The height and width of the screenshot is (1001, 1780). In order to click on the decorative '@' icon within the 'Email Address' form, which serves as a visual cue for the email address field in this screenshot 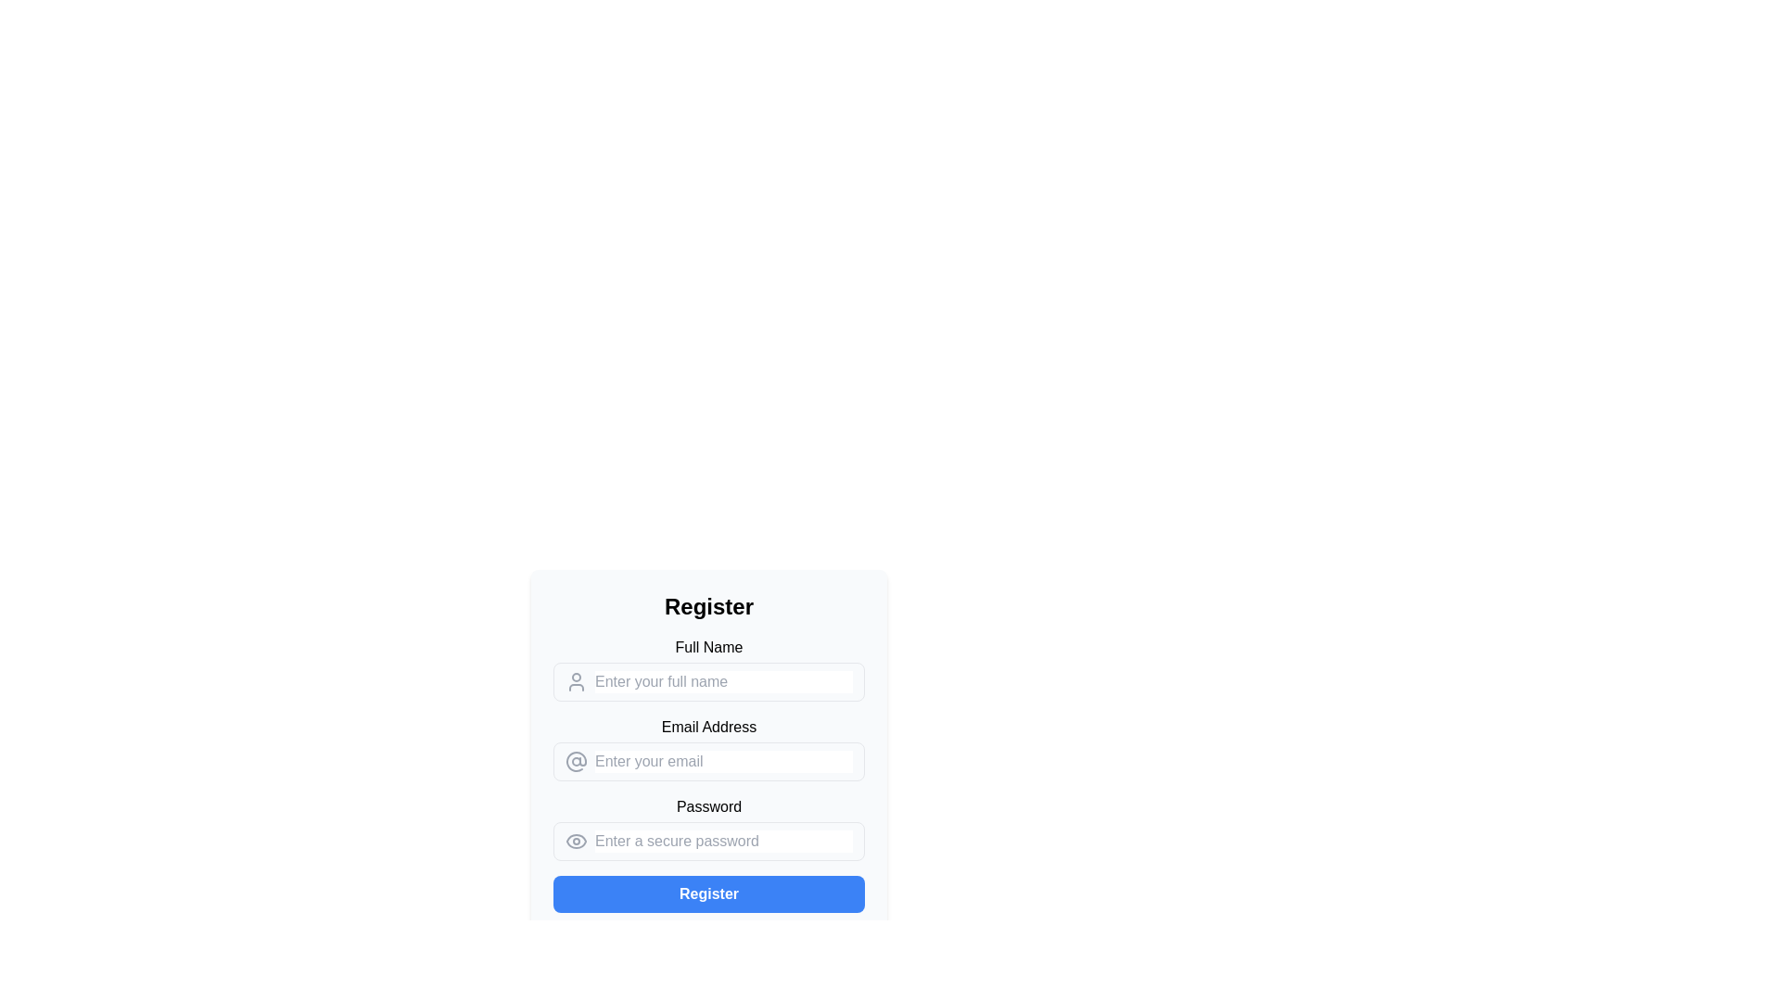, I will do `click(576, 761)`.